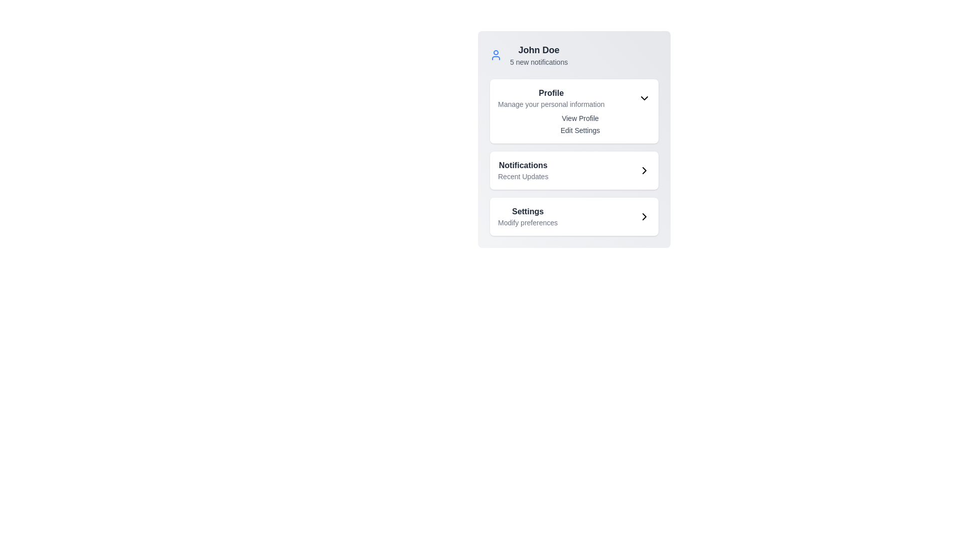 This screenshot has width=963, height=542. Describe the element at coordinates (645, 170) in the screenshot. I see `the right-pointing chevron icon in the Notifications section` at that location.